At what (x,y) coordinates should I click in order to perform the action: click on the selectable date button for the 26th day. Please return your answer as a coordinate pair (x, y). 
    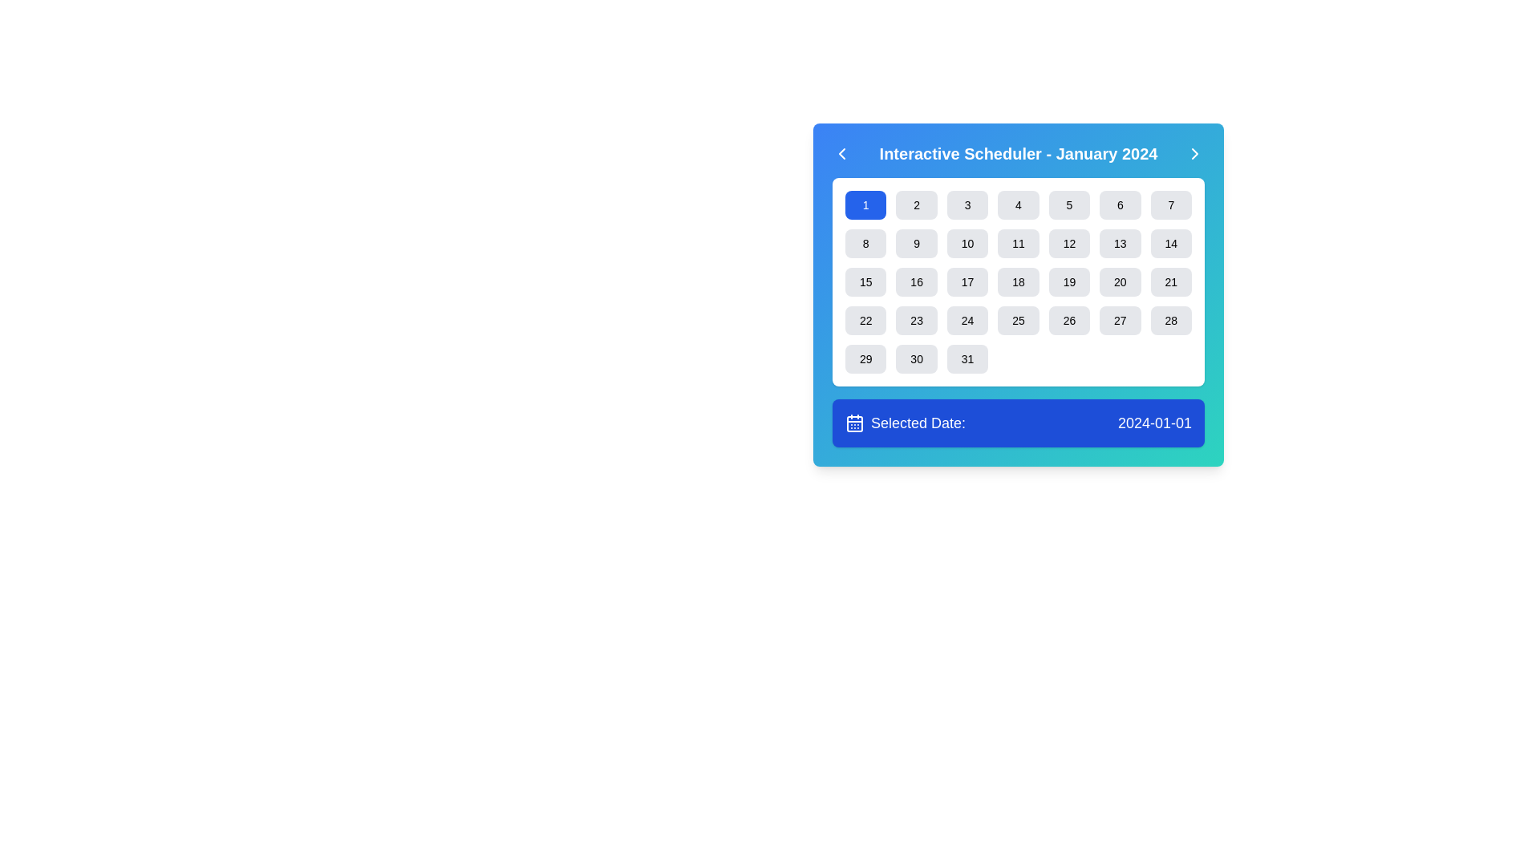
    Looking at the image, I should click on (1069, 321).